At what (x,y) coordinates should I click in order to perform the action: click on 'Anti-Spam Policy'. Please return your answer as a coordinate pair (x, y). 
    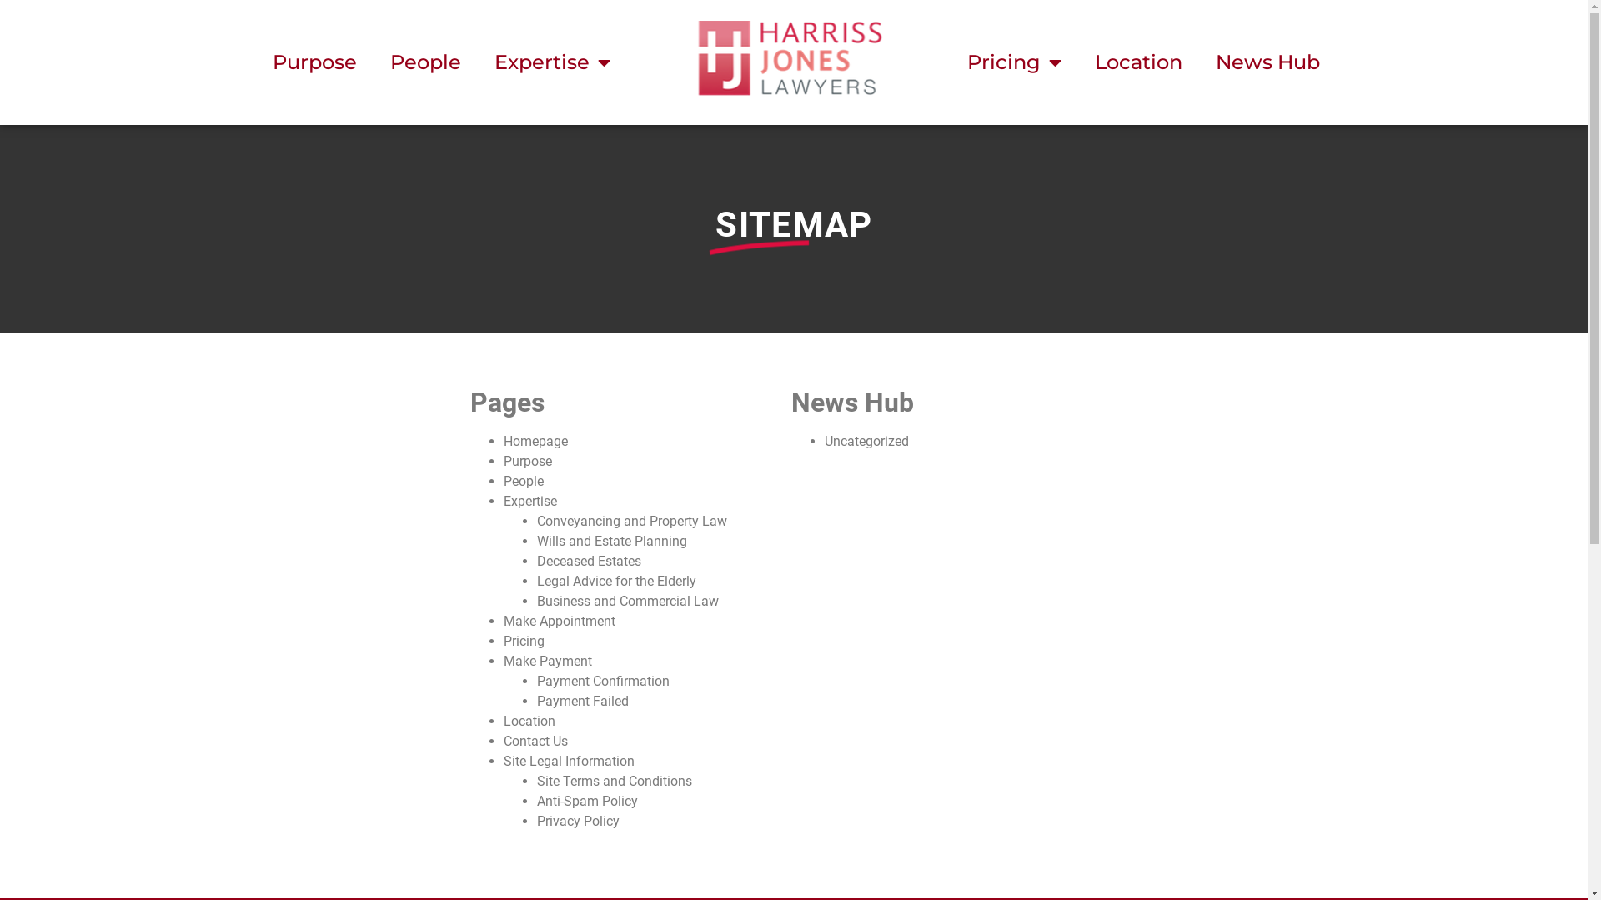
    Looking at the image, I should click on (587, 800).